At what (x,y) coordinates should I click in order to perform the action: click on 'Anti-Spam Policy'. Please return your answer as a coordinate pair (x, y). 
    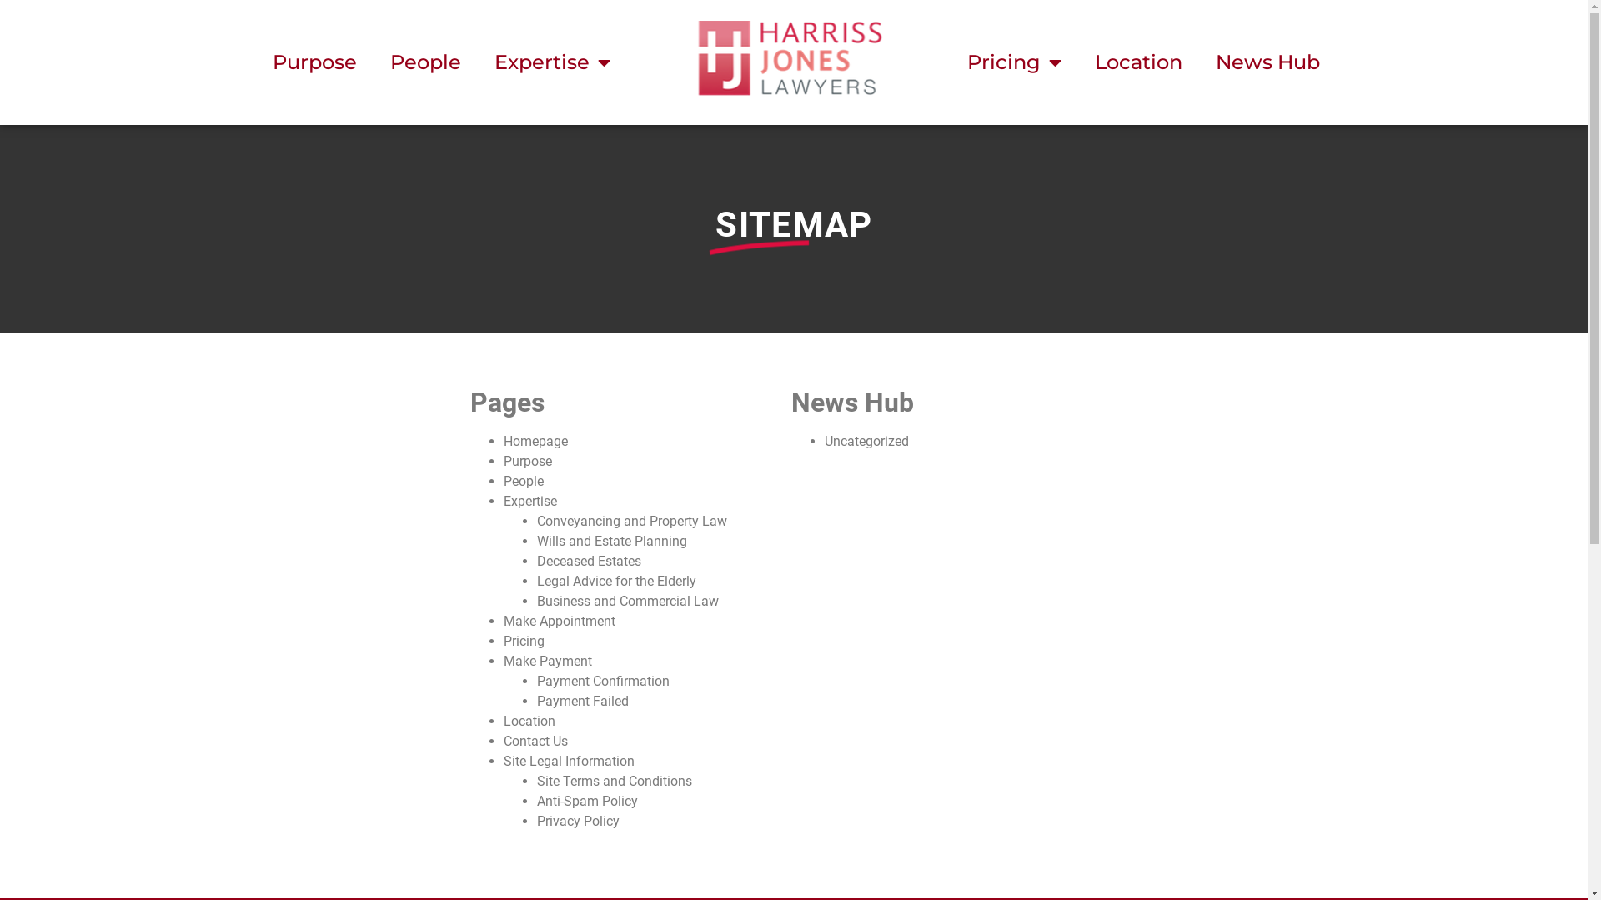
    Looking at the image, I should click on (587, 800).